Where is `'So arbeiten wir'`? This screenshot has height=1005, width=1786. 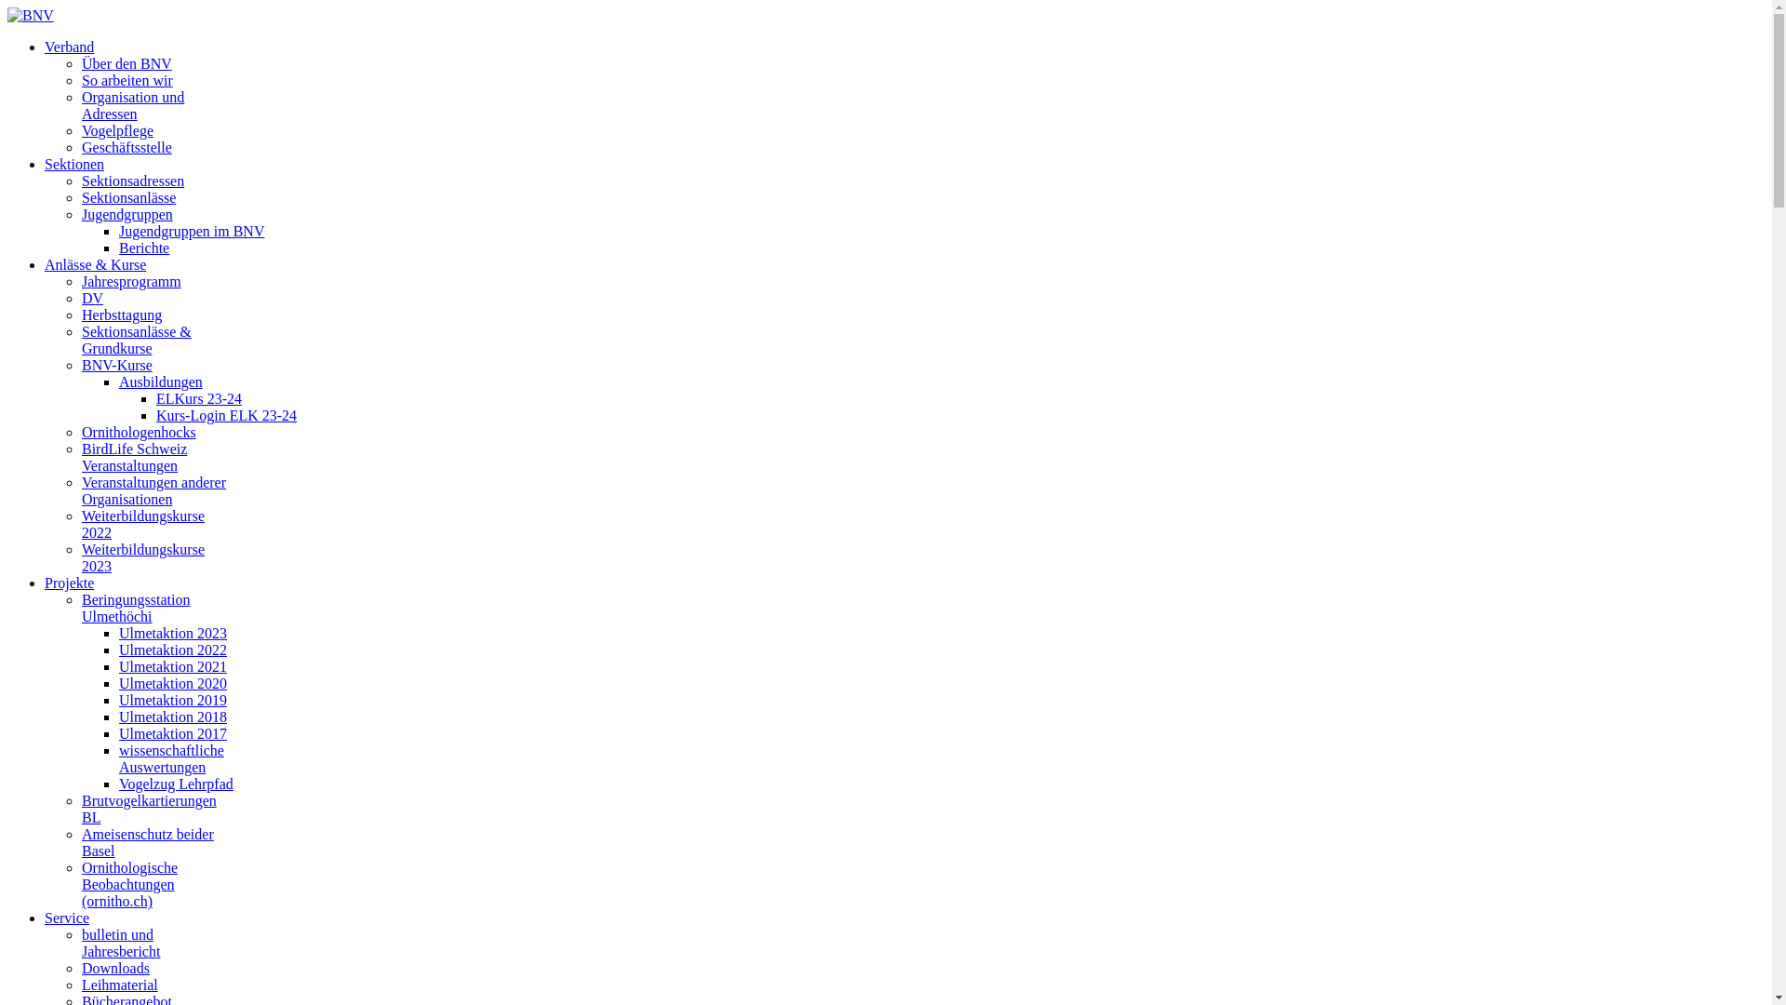 'So arbeiten wir' is located at coordinates (127, 79).